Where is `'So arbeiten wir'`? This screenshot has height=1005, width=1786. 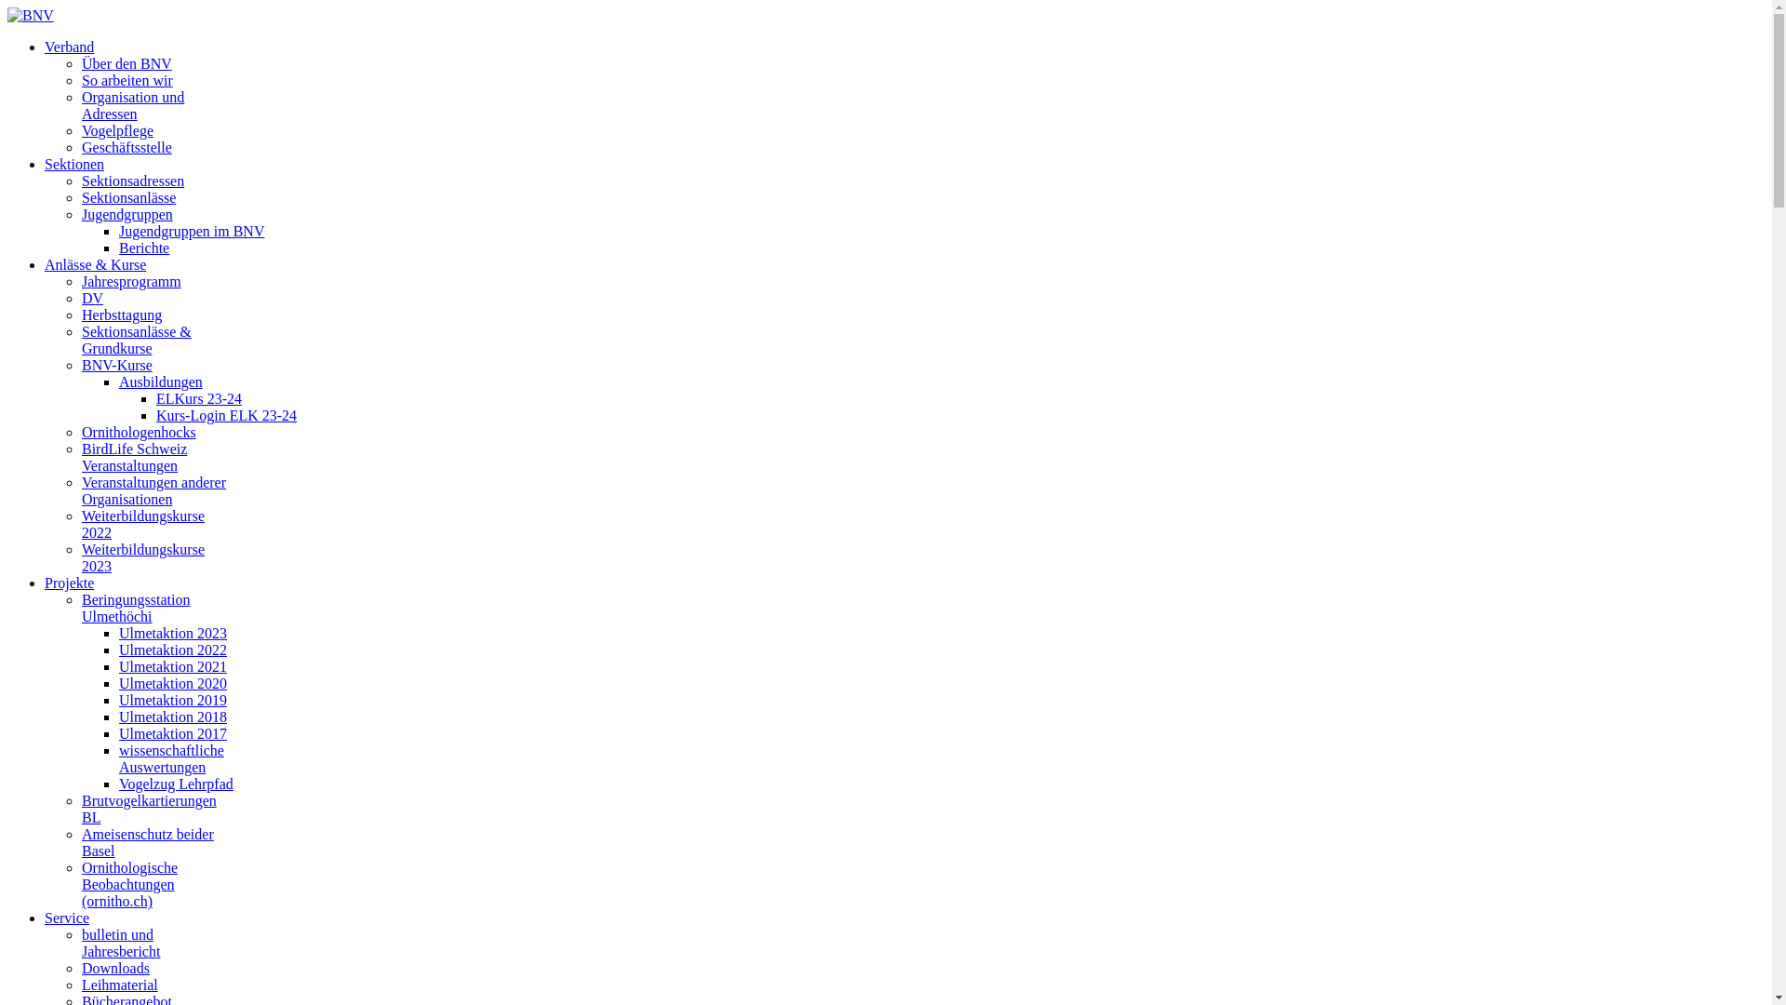 'So arbeiten wir' is located at coordinates (127, 79).